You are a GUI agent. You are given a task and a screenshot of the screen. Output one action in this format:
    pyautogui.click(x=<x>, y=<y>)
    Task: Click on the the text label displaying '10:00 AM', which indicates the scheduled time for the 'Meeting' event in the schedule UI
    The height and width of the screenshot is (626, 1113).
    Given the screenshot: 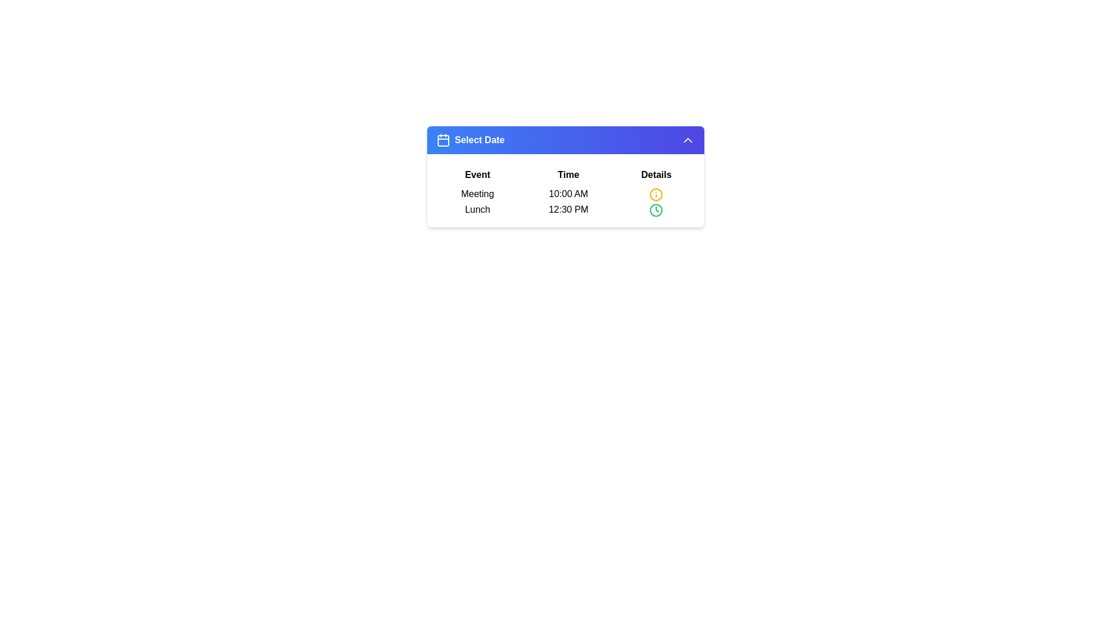 What is the action you would take?
    pyautogui.click(x=568, y=194)
    